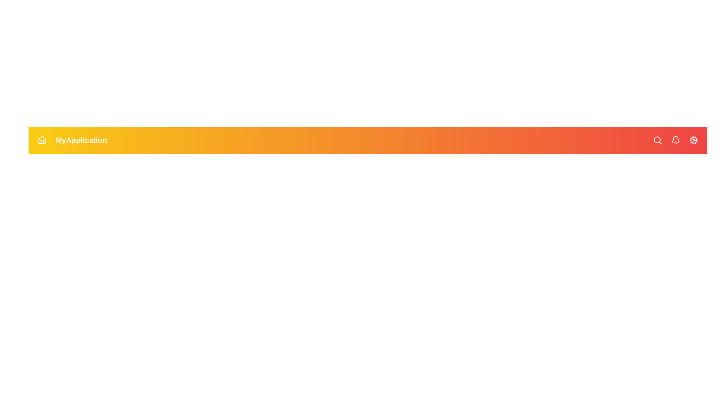 This screenshot has width=722, height=406. Describe the element at coordinates (675, 140) in the screenshot. I see `the bell-shaped icon located in the top-right corner of the interface` at that location.